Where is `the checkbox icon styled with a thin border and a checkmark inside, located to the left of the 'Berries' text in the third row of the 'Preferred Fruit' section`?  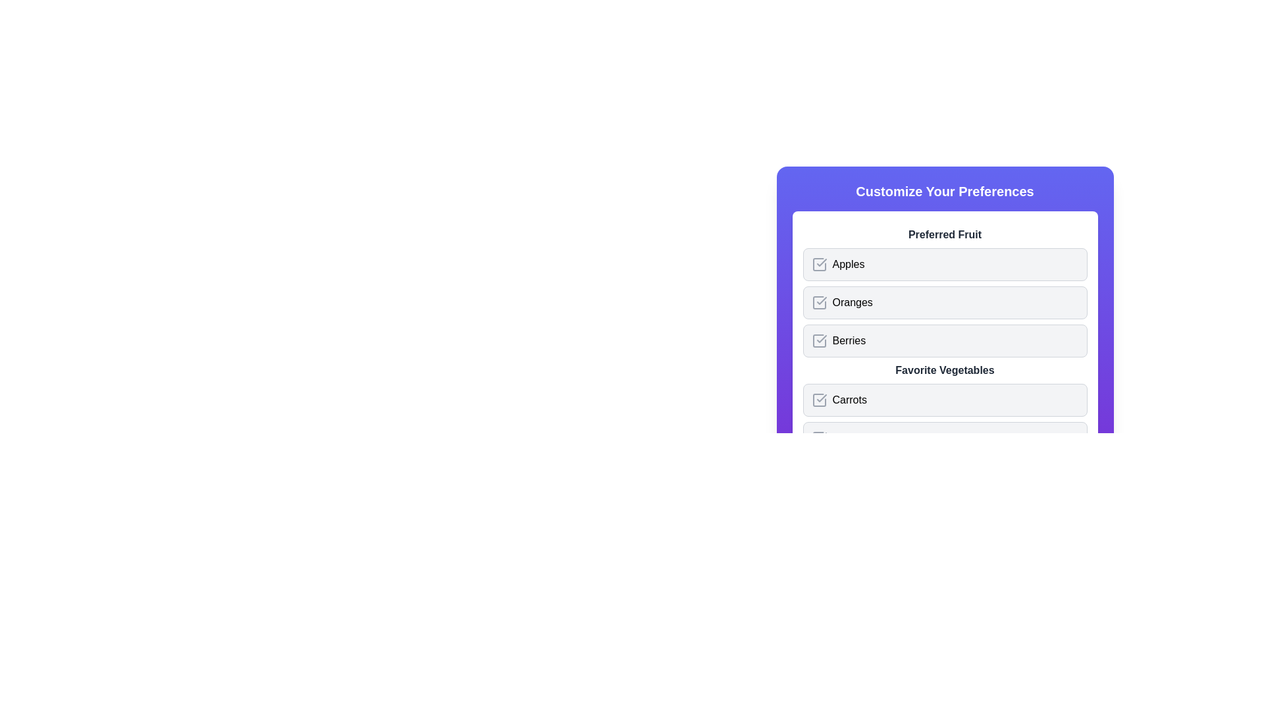 the checkbox icon styled with a thin border and a checkmark inside, located to the left of the 'Berries' text in the third row of the 'Preferred Fruit' section is located at coordinates (818, 340).